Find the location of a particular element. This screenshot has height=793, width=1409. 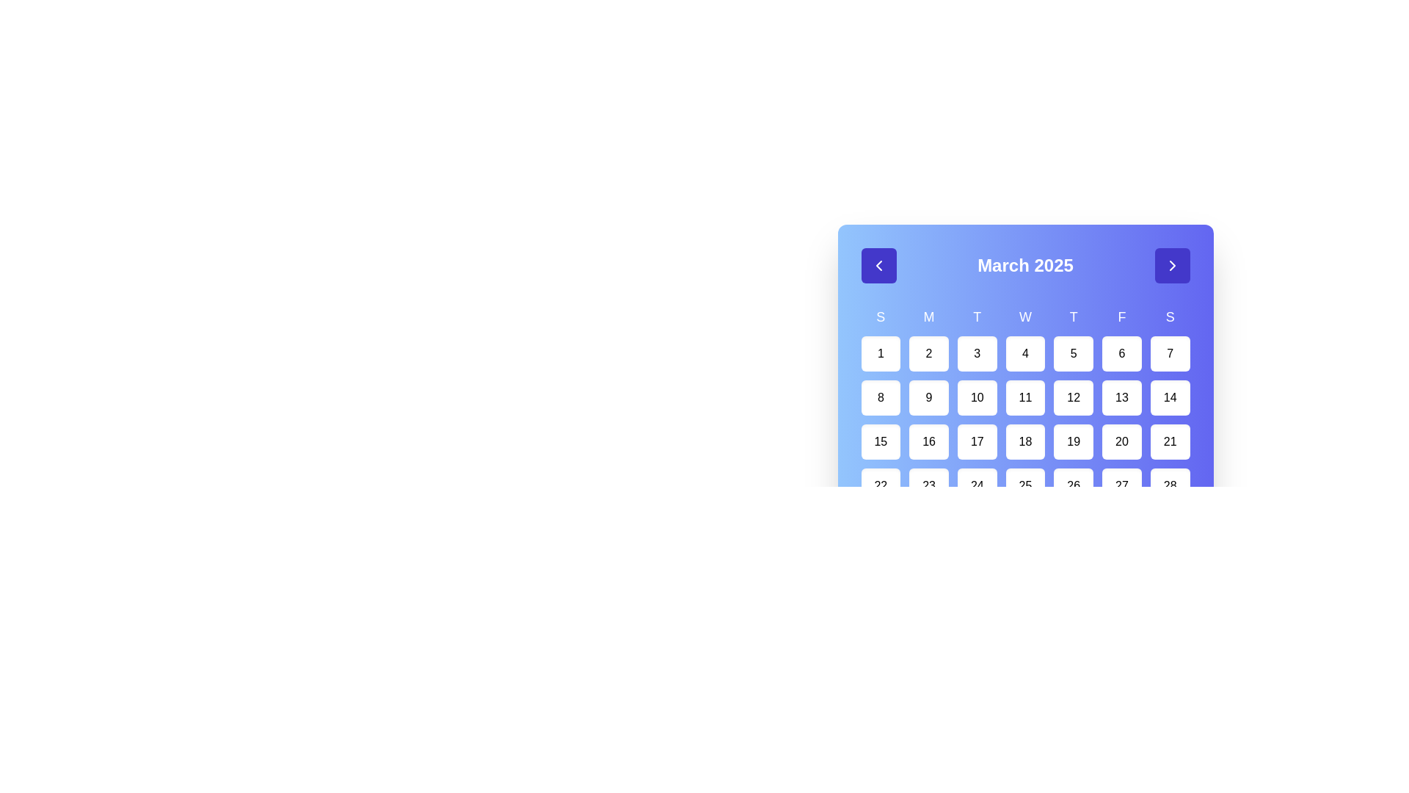

the rounded white button containing the numeral '4' in the calendar interface is located at coordinates (1024, 354).